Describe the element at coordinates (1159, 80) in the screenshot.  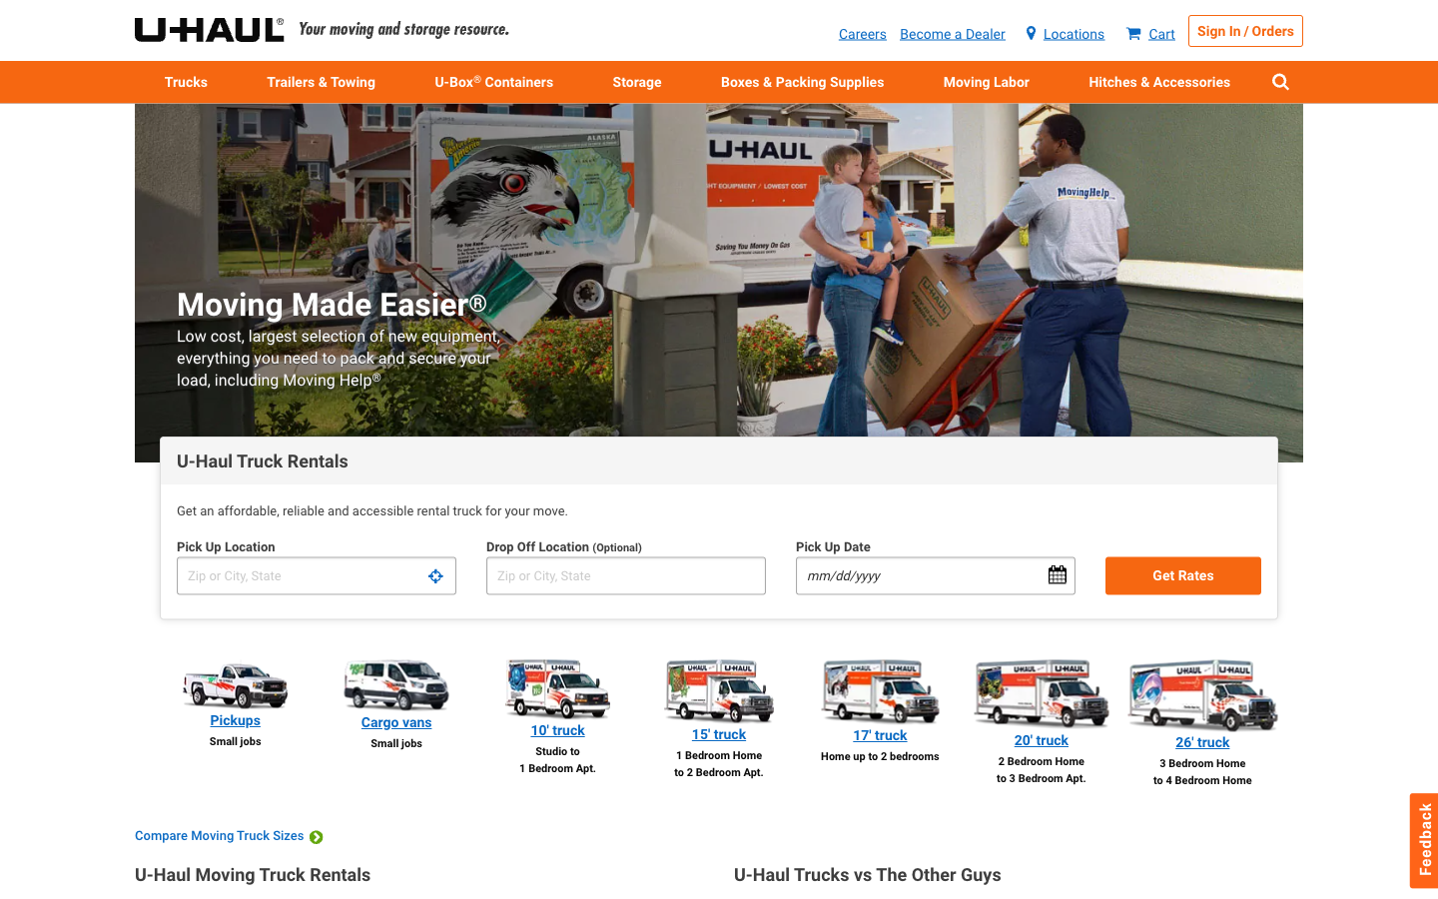
I see `How can I set up a trailer for my vehicle?` at that location.